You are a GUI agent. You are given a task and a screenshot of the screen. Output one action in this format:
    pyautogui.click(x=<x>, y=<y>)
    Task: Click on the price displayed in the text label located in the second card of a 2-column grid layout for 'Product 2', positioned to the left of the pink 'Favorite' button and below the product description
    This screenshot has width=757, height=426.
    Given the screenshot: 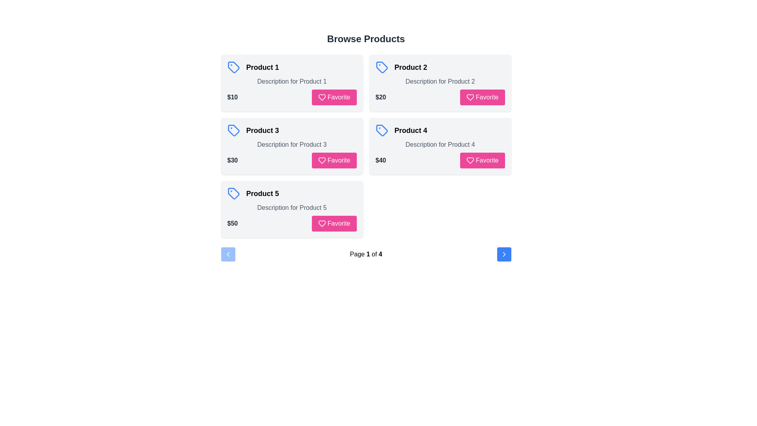 What is the action you would take?
    pyautogui.click(x=380, y=97)
    